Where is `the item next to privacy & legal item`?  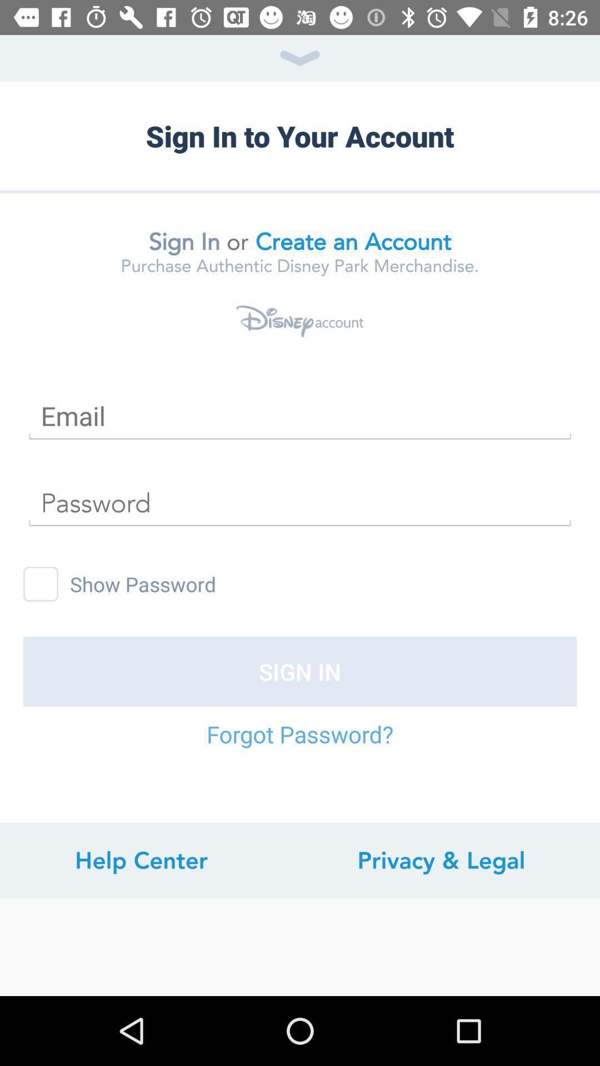 the item next to privacy & legal item is located at coordinates (141, 860).